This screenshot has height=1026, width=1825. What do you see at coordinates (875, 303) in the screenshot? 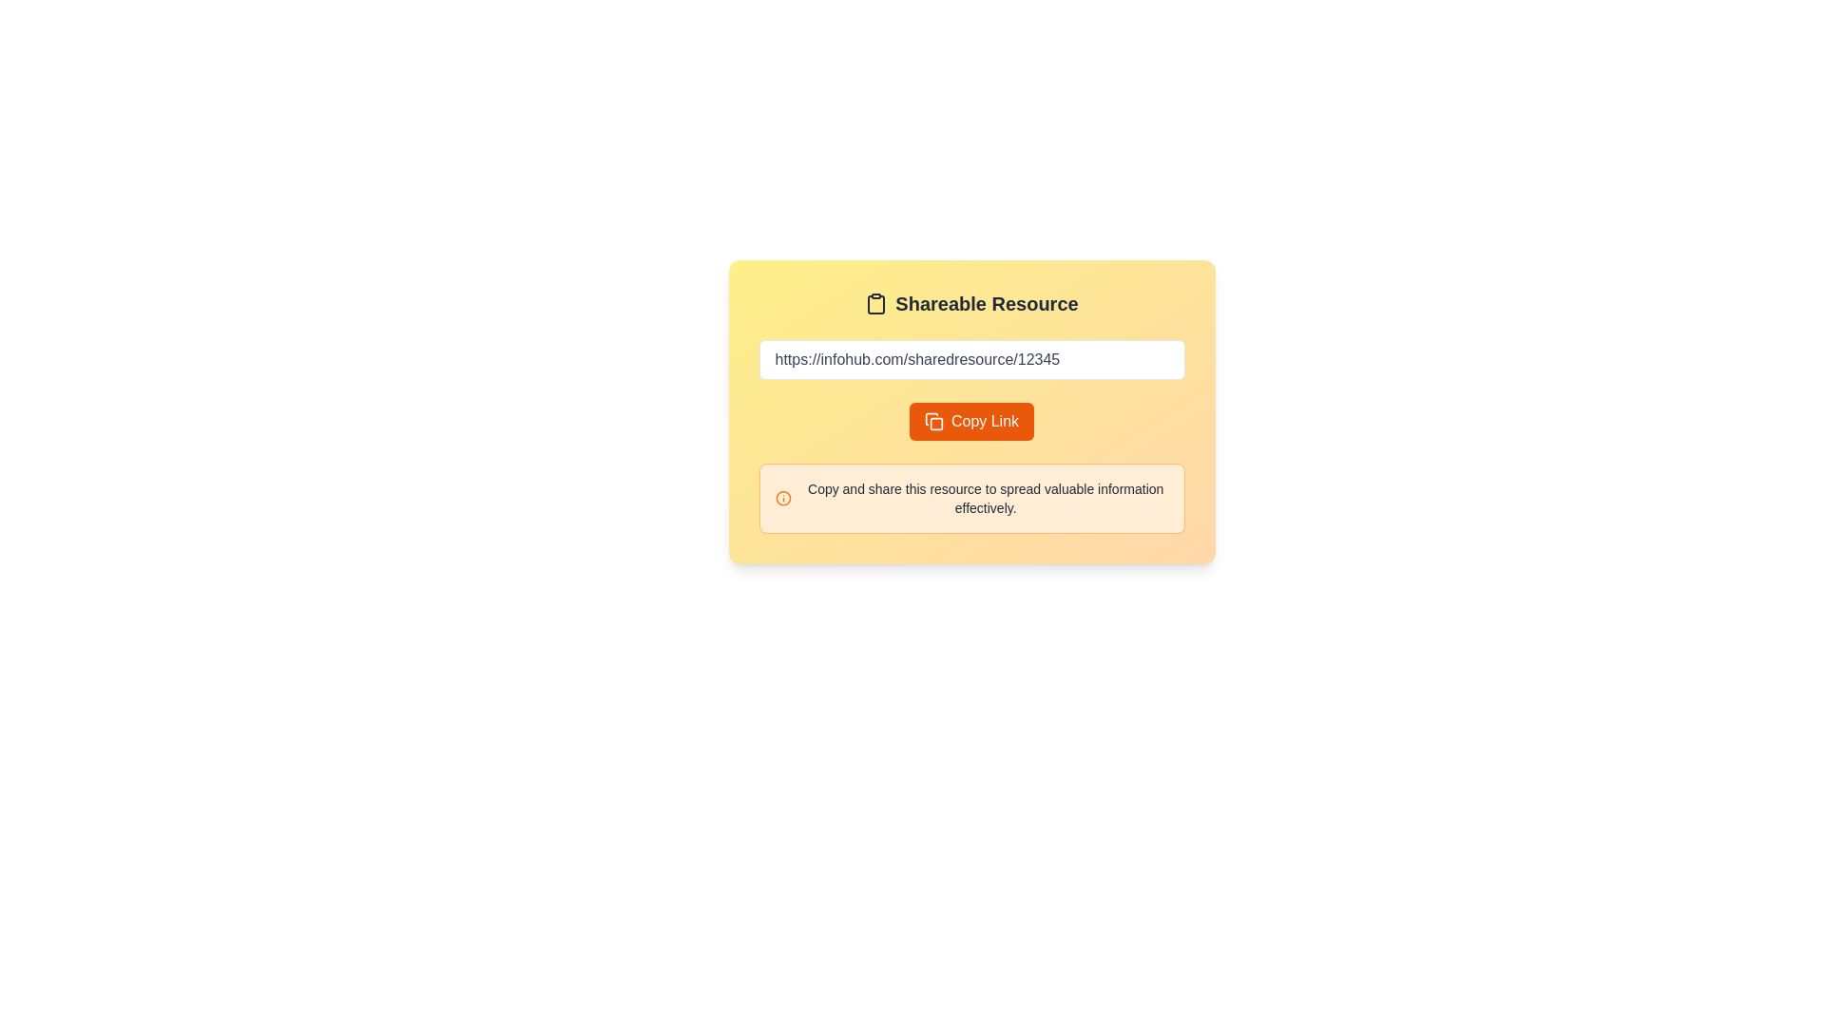
I see `the clipboard icon located to the left of the 'Shareable Resource' label in the header section` at bounding box center [875, 303].